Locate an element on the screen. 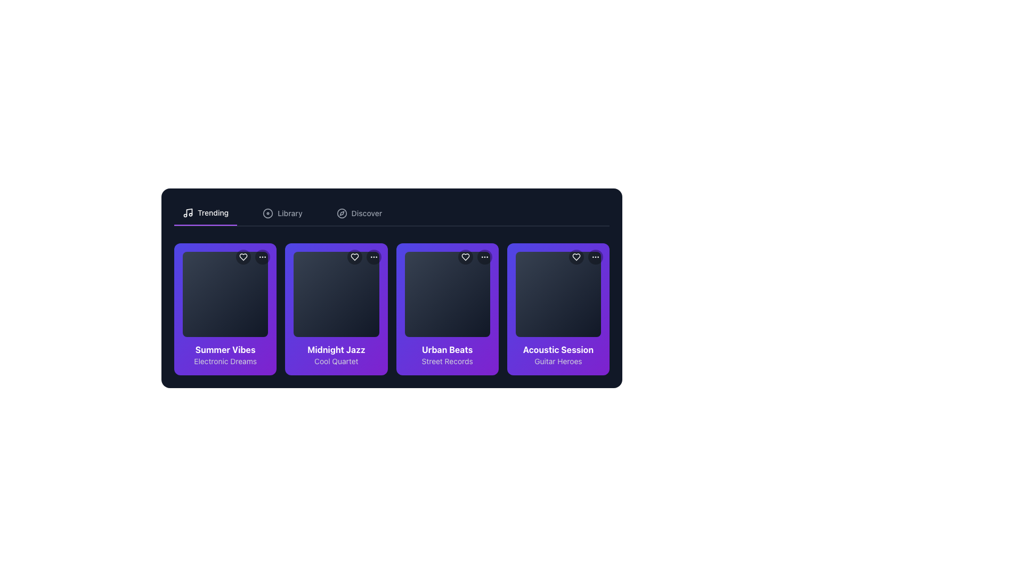  the larger circular outline SVG element located at the top-right of the card-like section within the interactive library items is located at coordinates (268, 213).